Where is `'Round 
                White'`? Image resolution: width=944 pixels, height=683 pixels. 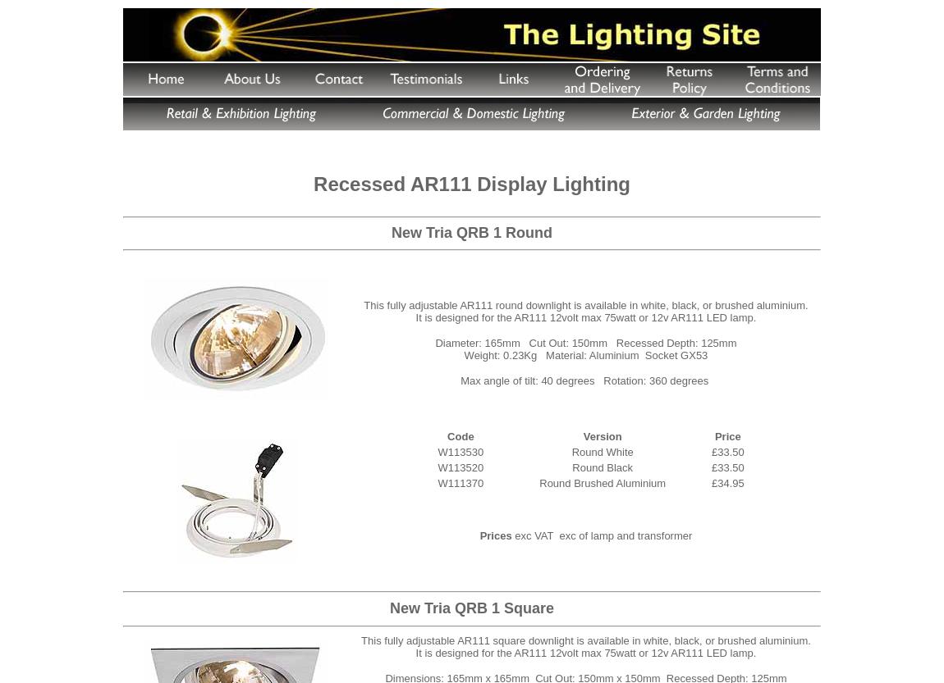 'Round 
                White' is located at coordinates (601, 450).